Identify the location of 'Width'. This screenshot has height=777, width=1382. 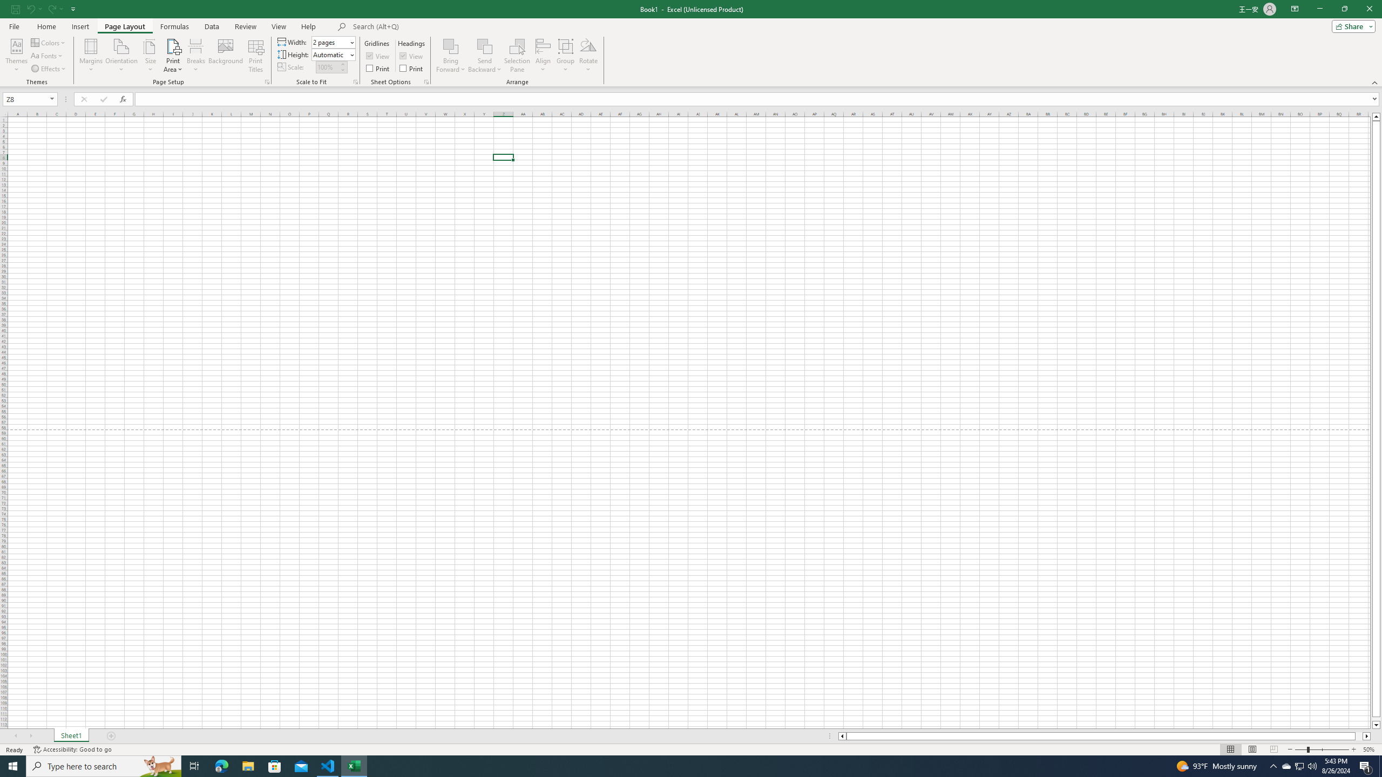
(332, 42).